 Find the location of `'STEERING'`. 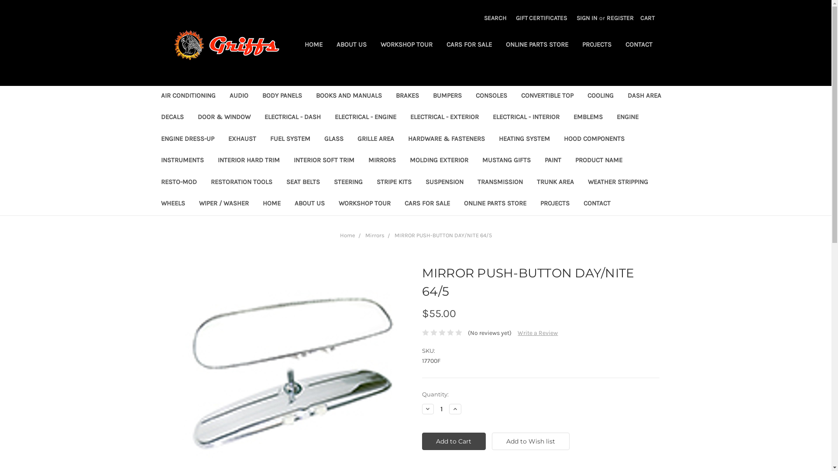

'STEERING' is located at coordinates (326, 182).